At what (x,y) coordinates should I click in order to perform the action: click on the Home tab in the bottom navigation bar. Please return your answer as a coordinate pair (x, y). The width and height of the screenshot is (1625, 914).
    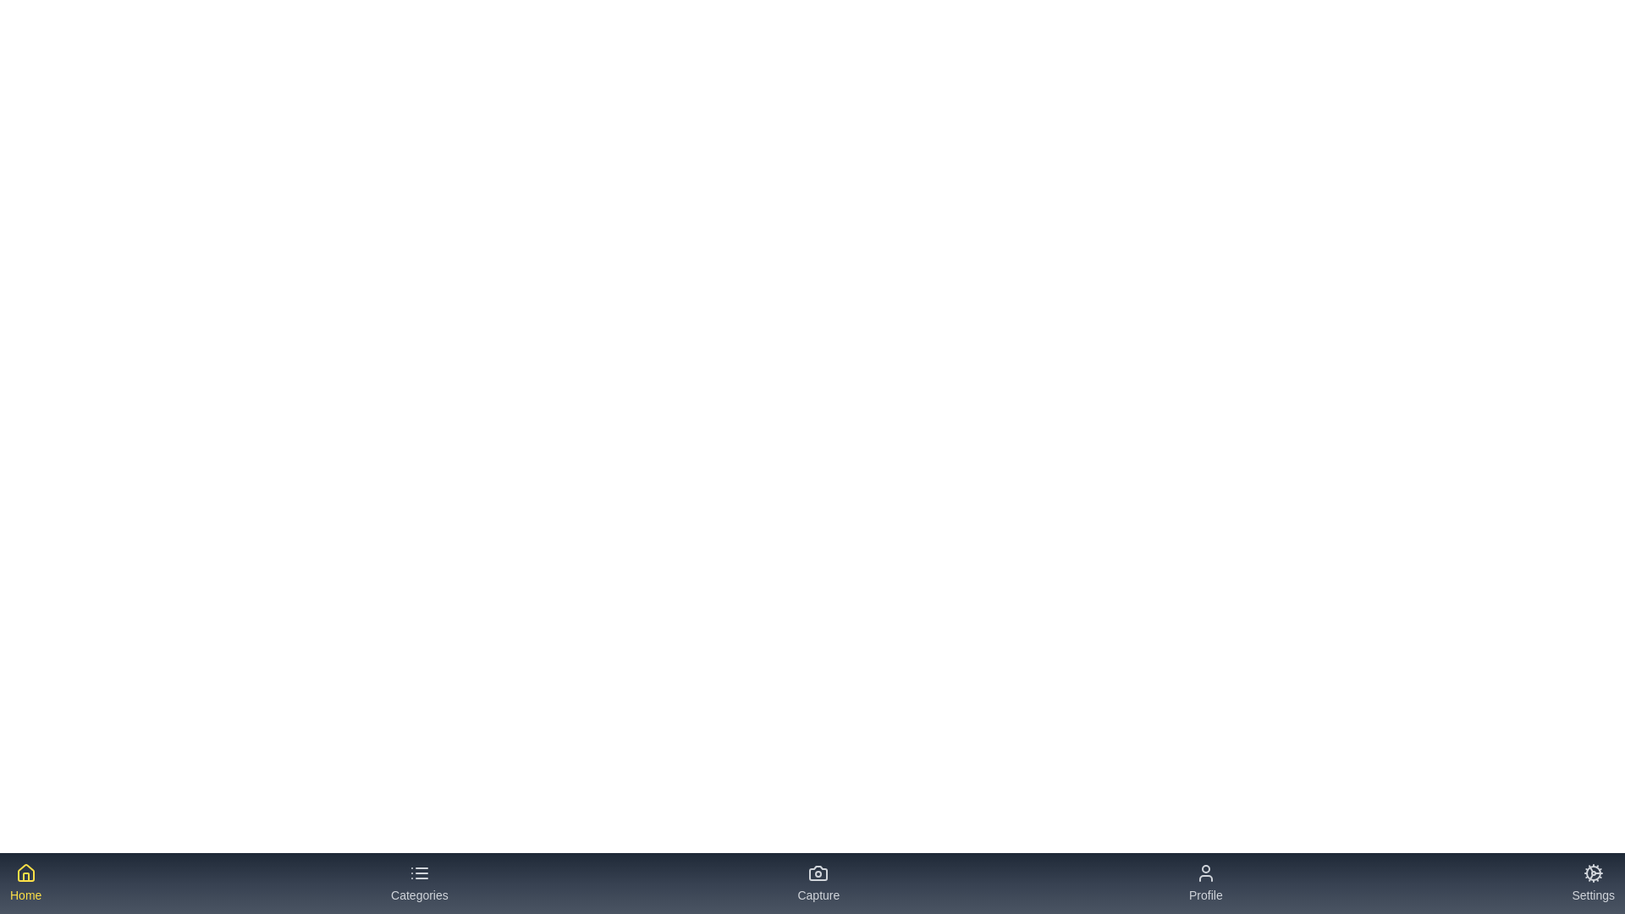
    Looking at the image, I should click on (25, 883).